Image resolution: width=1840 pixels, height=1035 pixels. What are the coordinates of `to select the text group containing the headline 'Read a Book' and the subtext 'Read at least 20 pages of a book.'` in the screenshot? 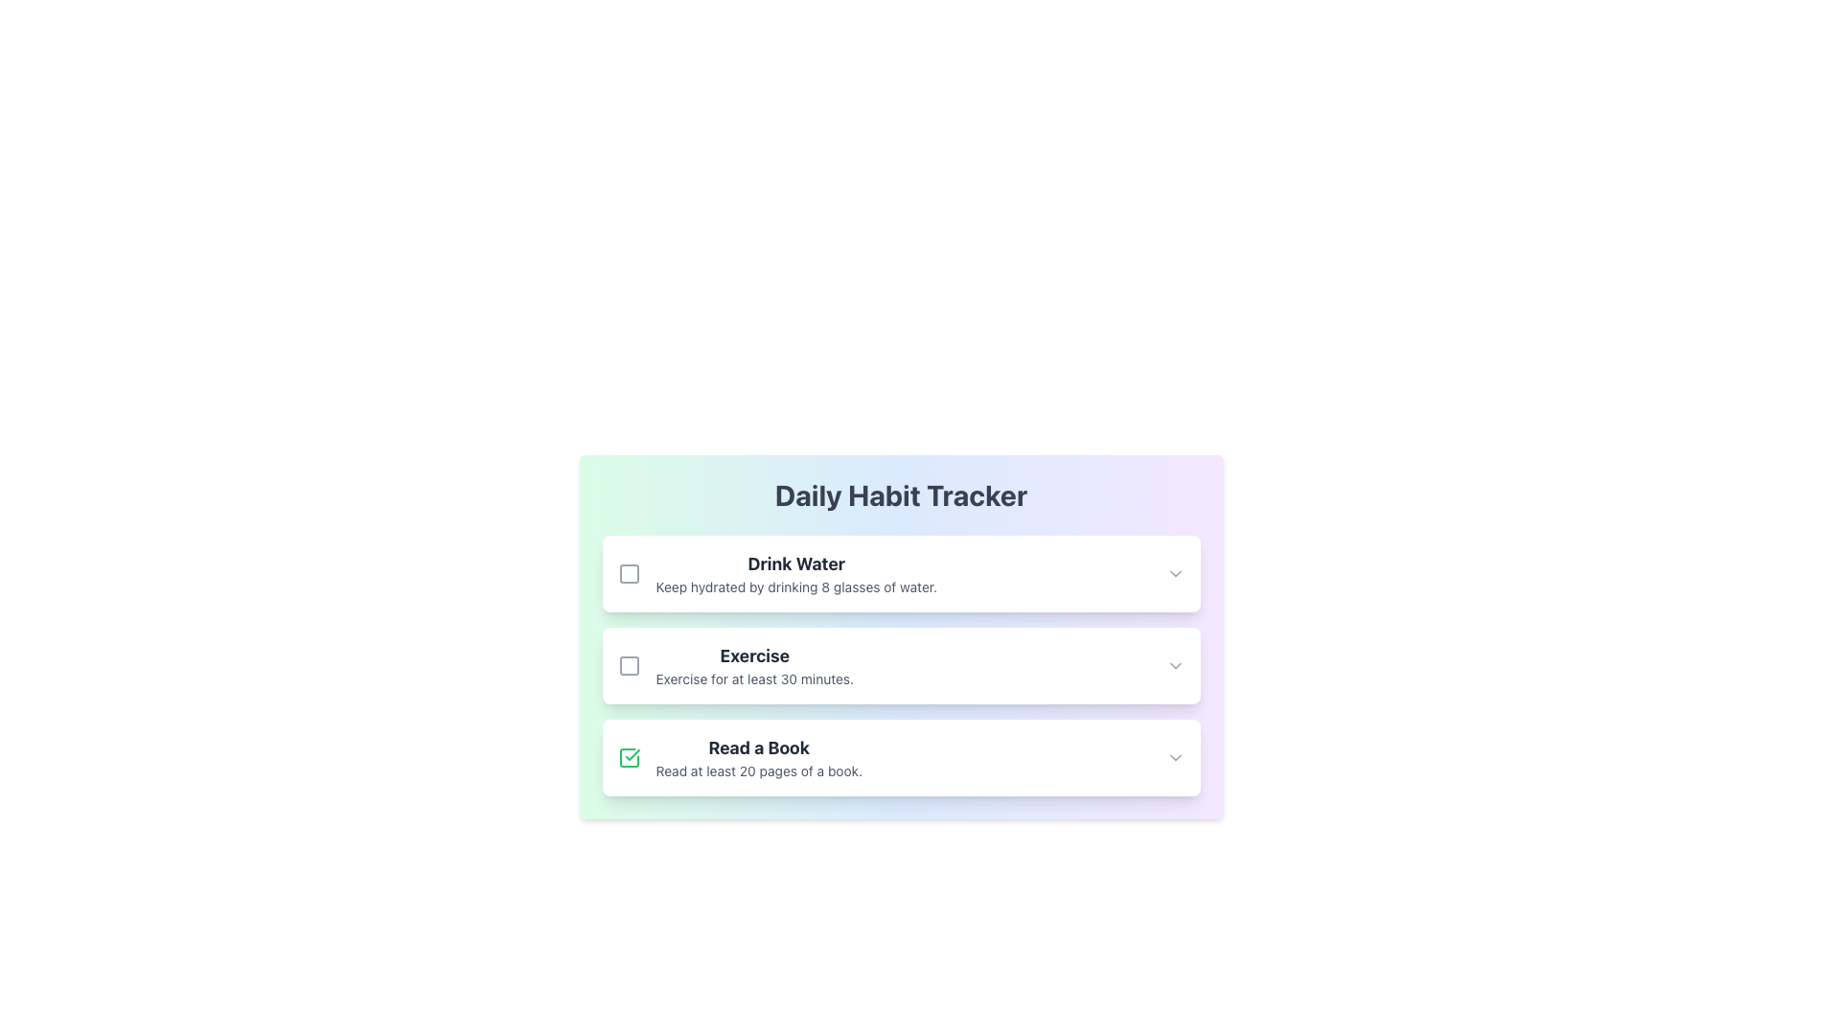 It's located at (739, 756).